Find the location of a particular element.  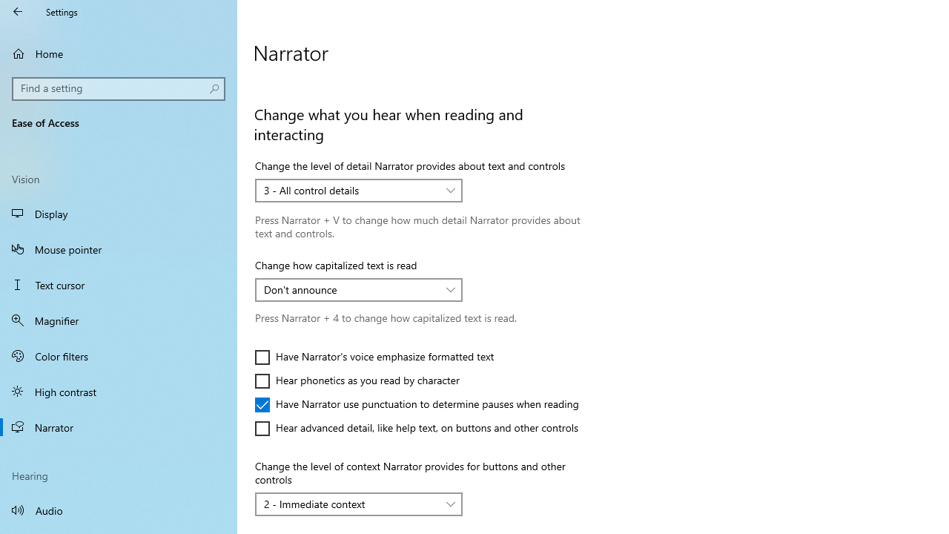

'Back' is located at coordinates (18, 11).